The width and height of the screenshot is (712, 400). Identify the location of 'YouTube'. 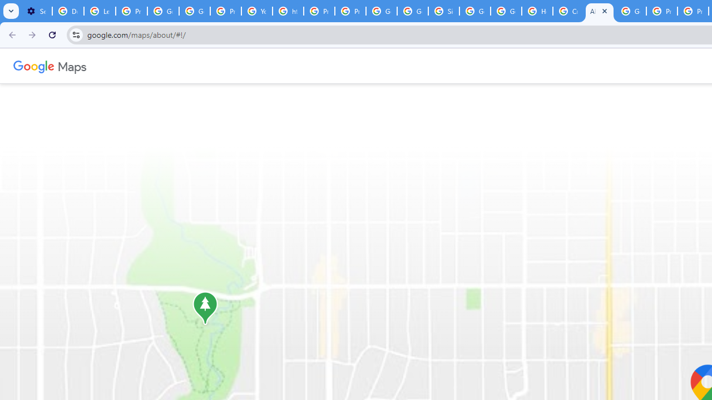
(256, 11).